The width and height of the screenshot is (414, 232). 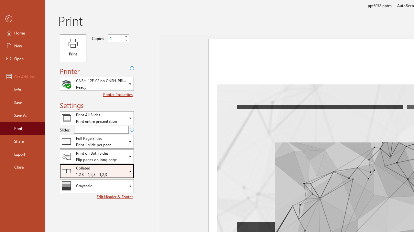 What do you see at coordinates (96, 186) in the screenshot?
I see `'Color/Grayscale'` at bounding box center [96, 186].